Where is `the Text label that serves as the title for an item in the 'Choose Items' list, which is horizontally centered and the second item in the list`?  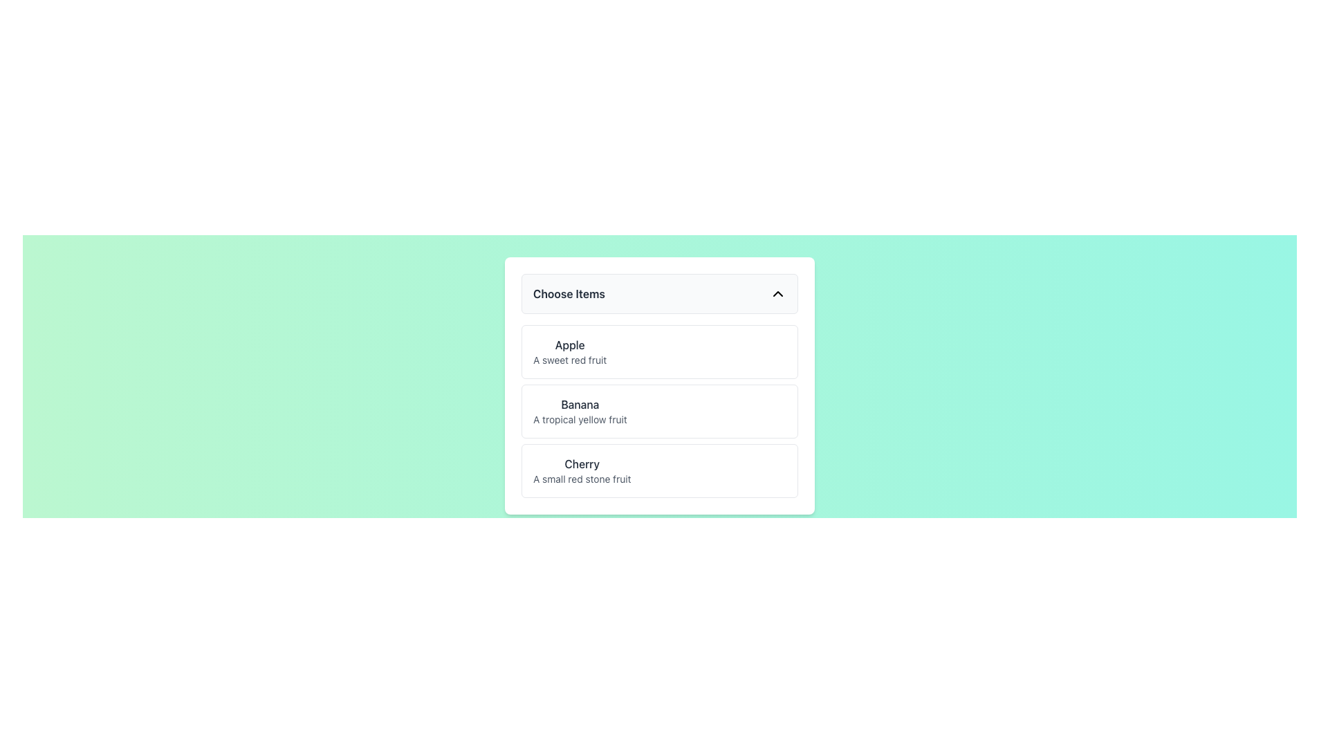 the Text label that serves as the title for an item in the 'Choose Items' list, which is horizontally centered and the second item in the list is located at coordinates (580, 405).